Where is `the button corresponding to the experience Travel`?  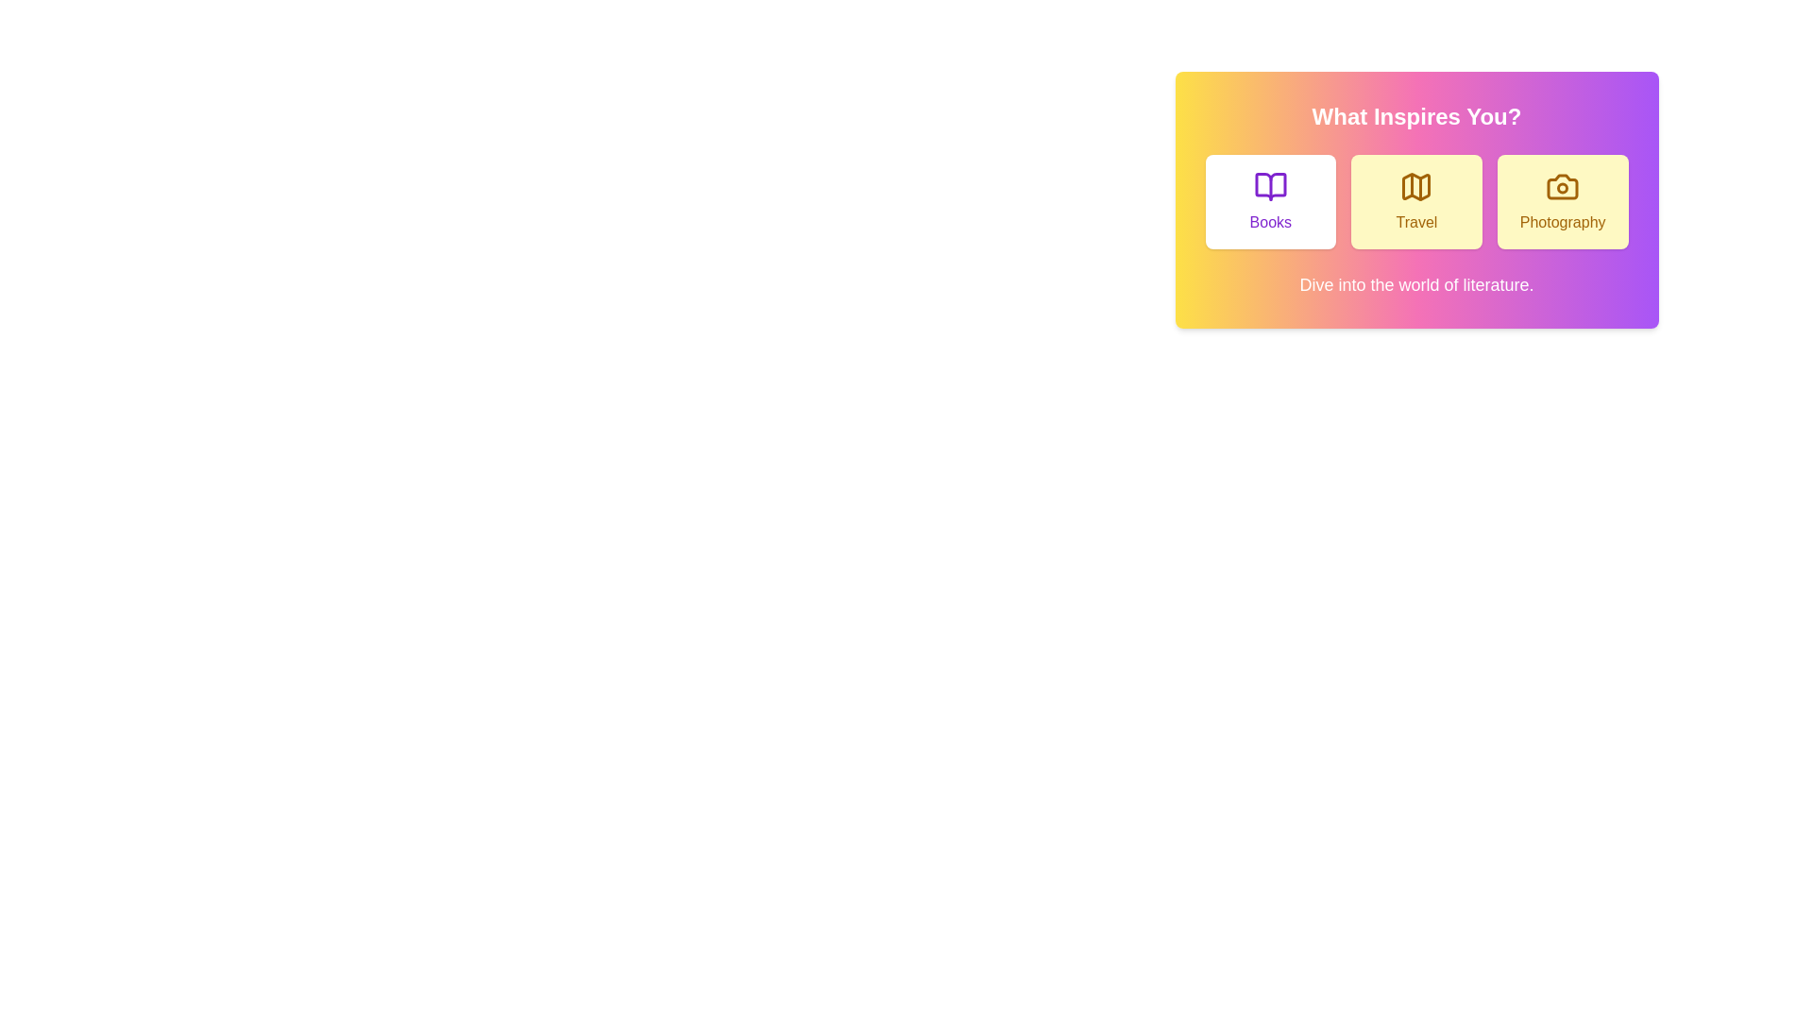 the button corresponding to the experience Travel is located at coordinates (1416, 201).